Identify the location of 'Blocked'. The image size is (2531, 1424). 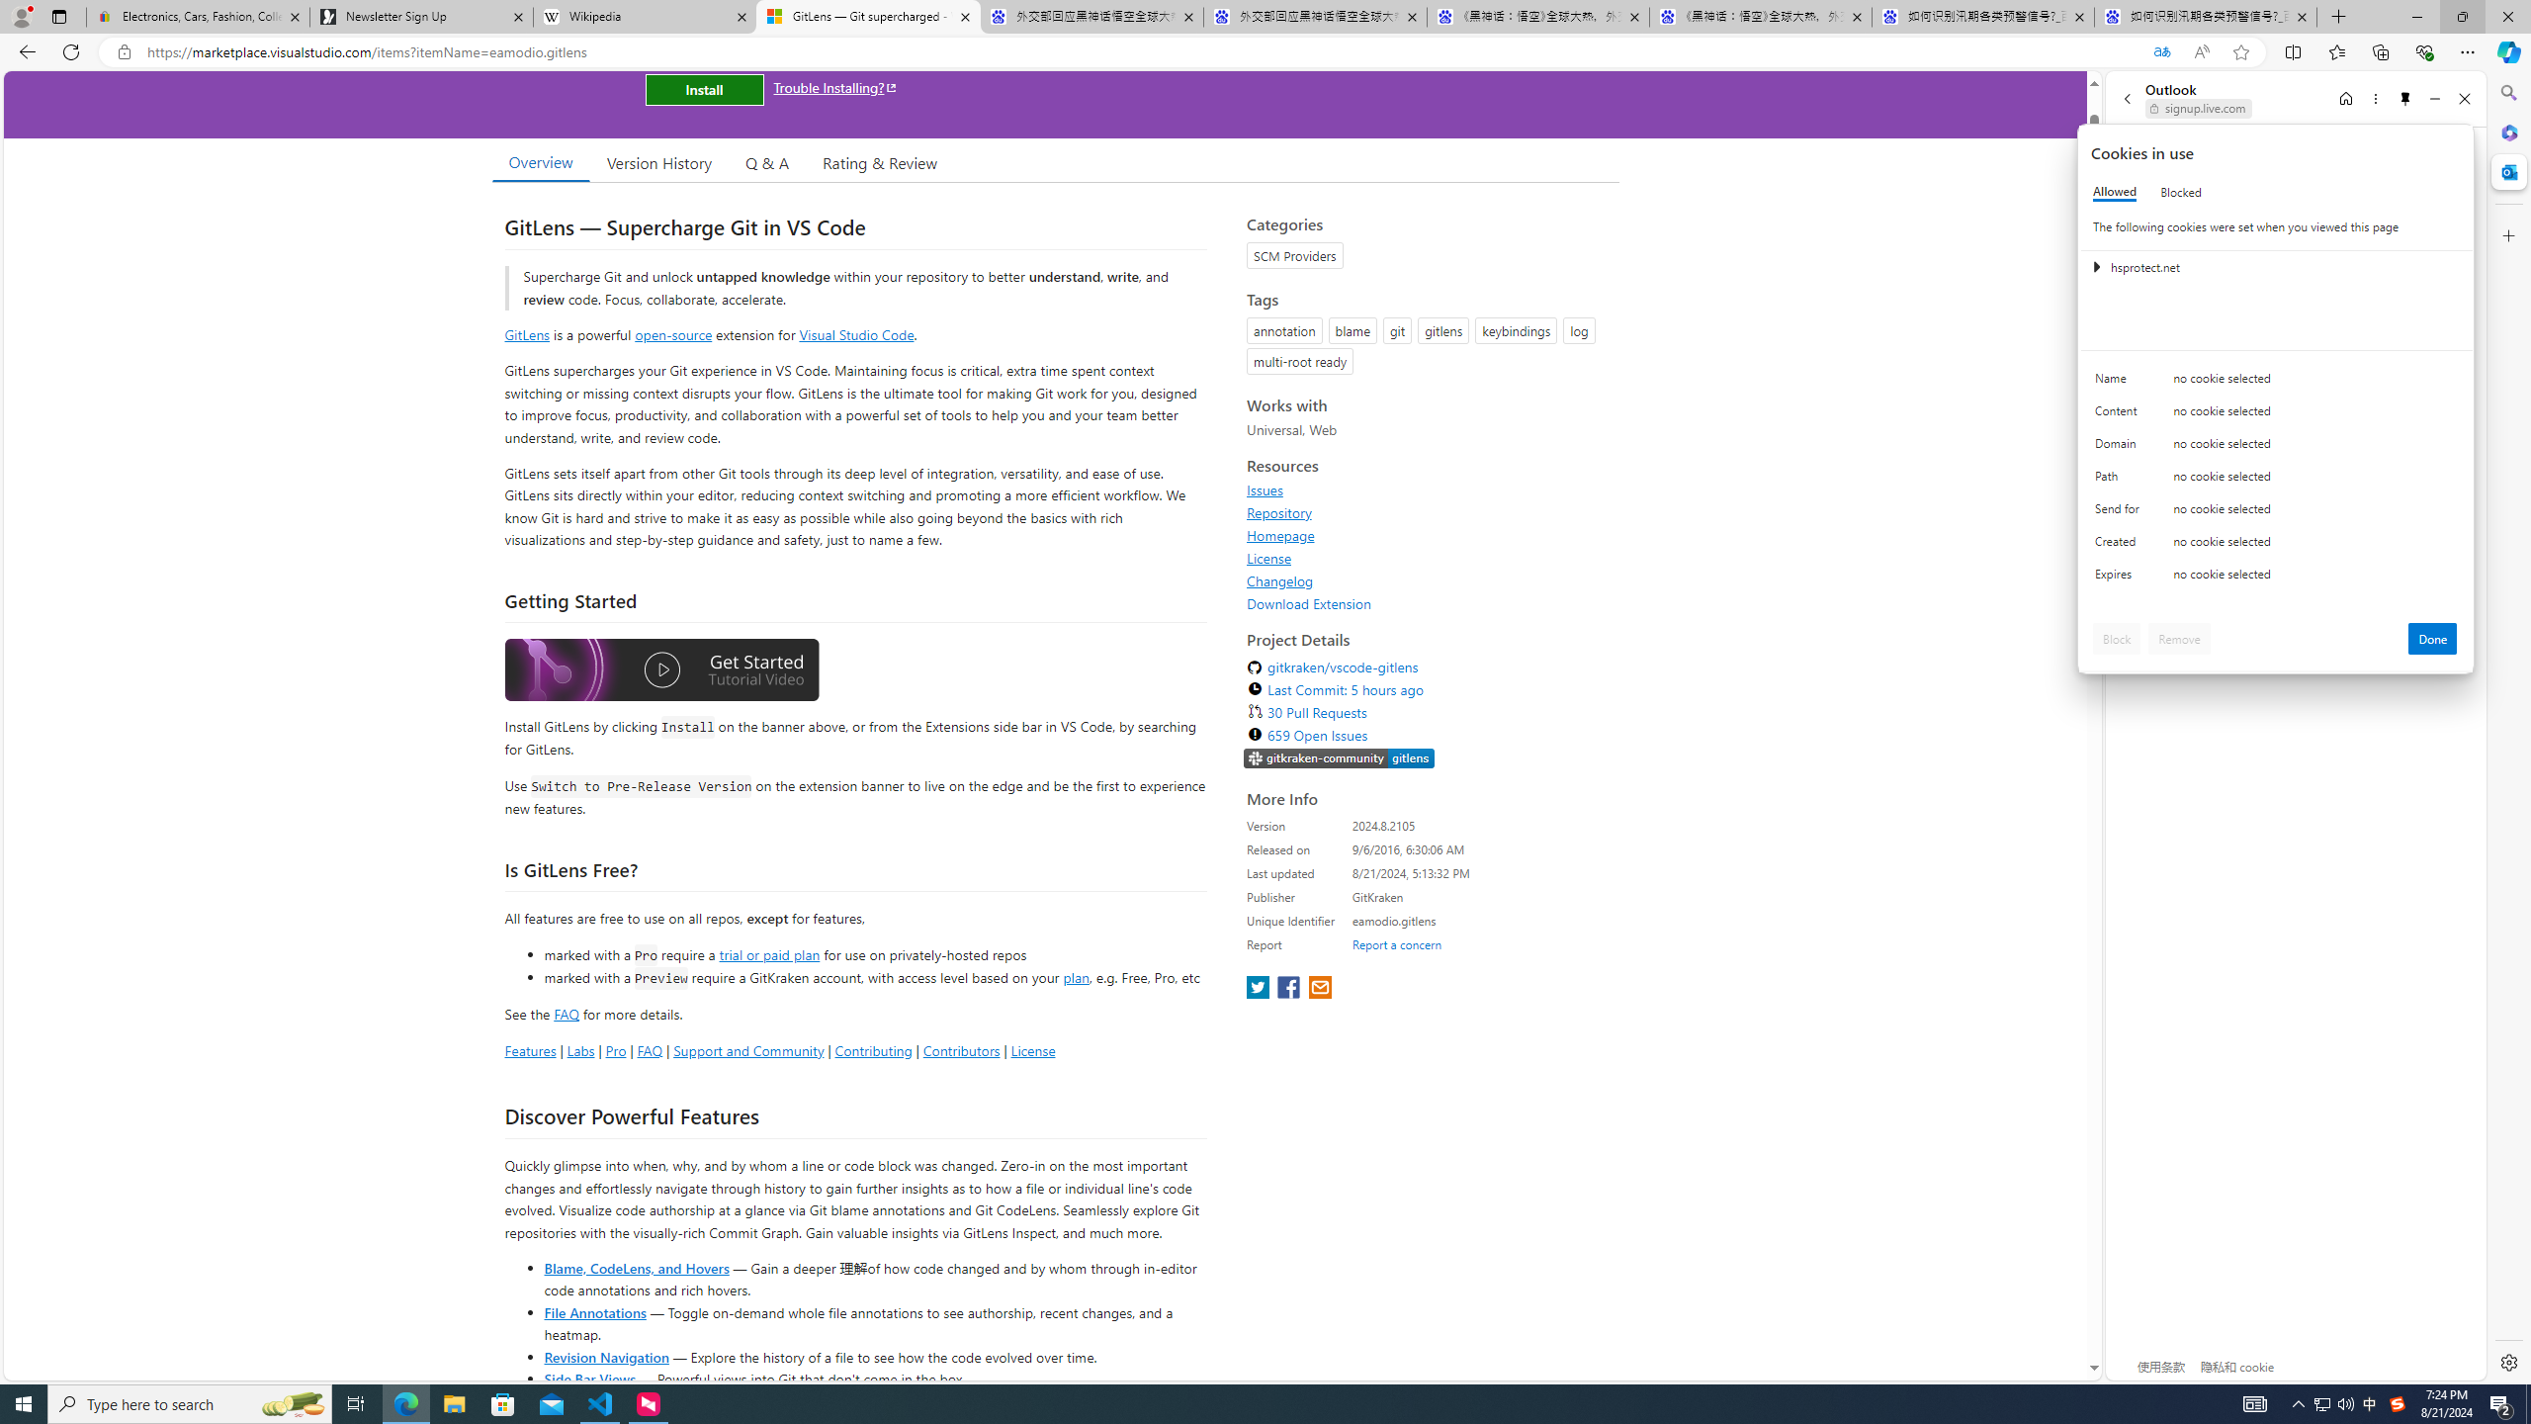
(2180, 192).